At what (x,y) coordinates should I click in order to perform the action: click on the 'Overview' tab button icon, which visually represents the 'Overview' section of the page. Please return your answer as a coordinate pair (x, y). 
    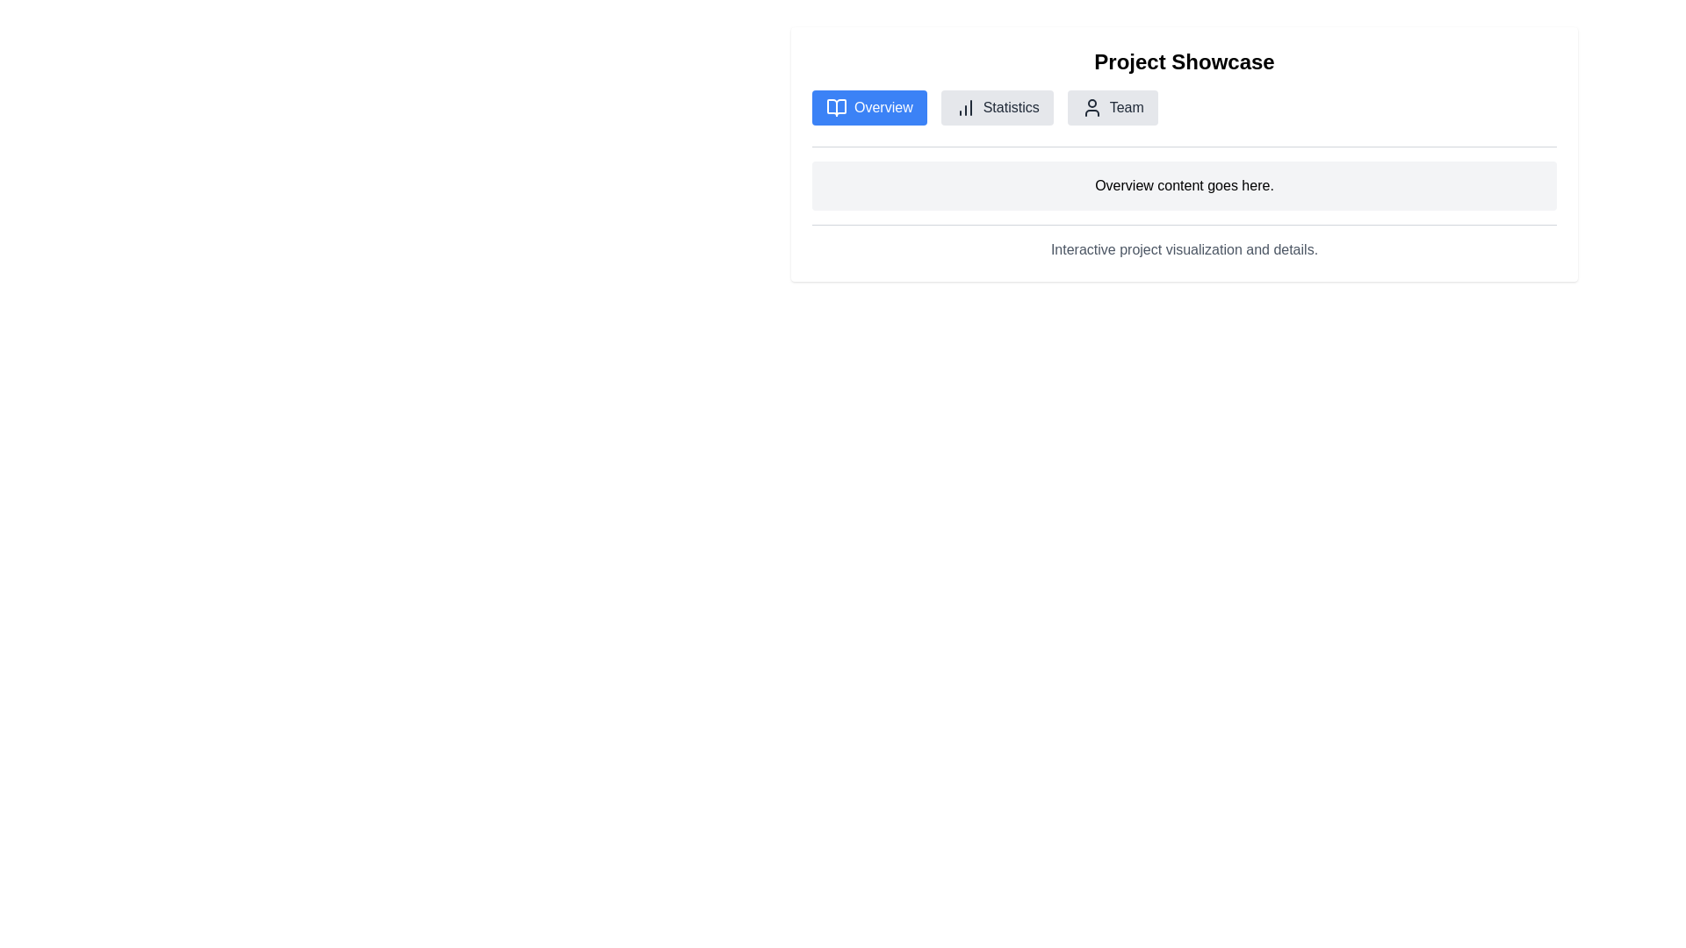
    Looking at the image, I should click on (836, 108).